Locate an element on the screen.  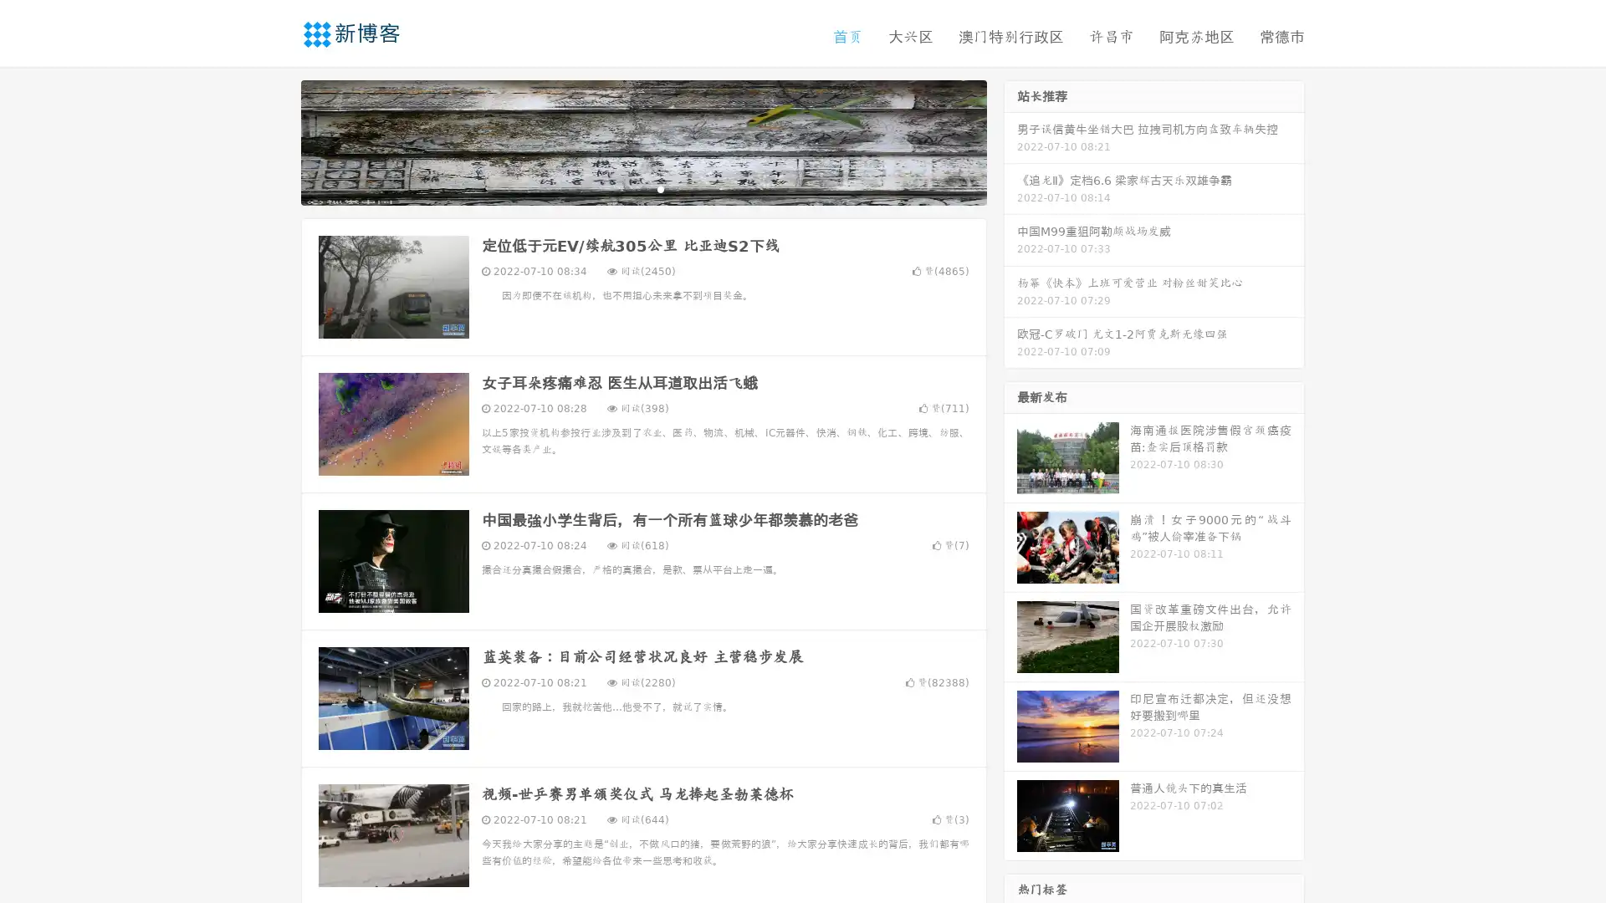
Next slide is located at coordinates (1010, 140).